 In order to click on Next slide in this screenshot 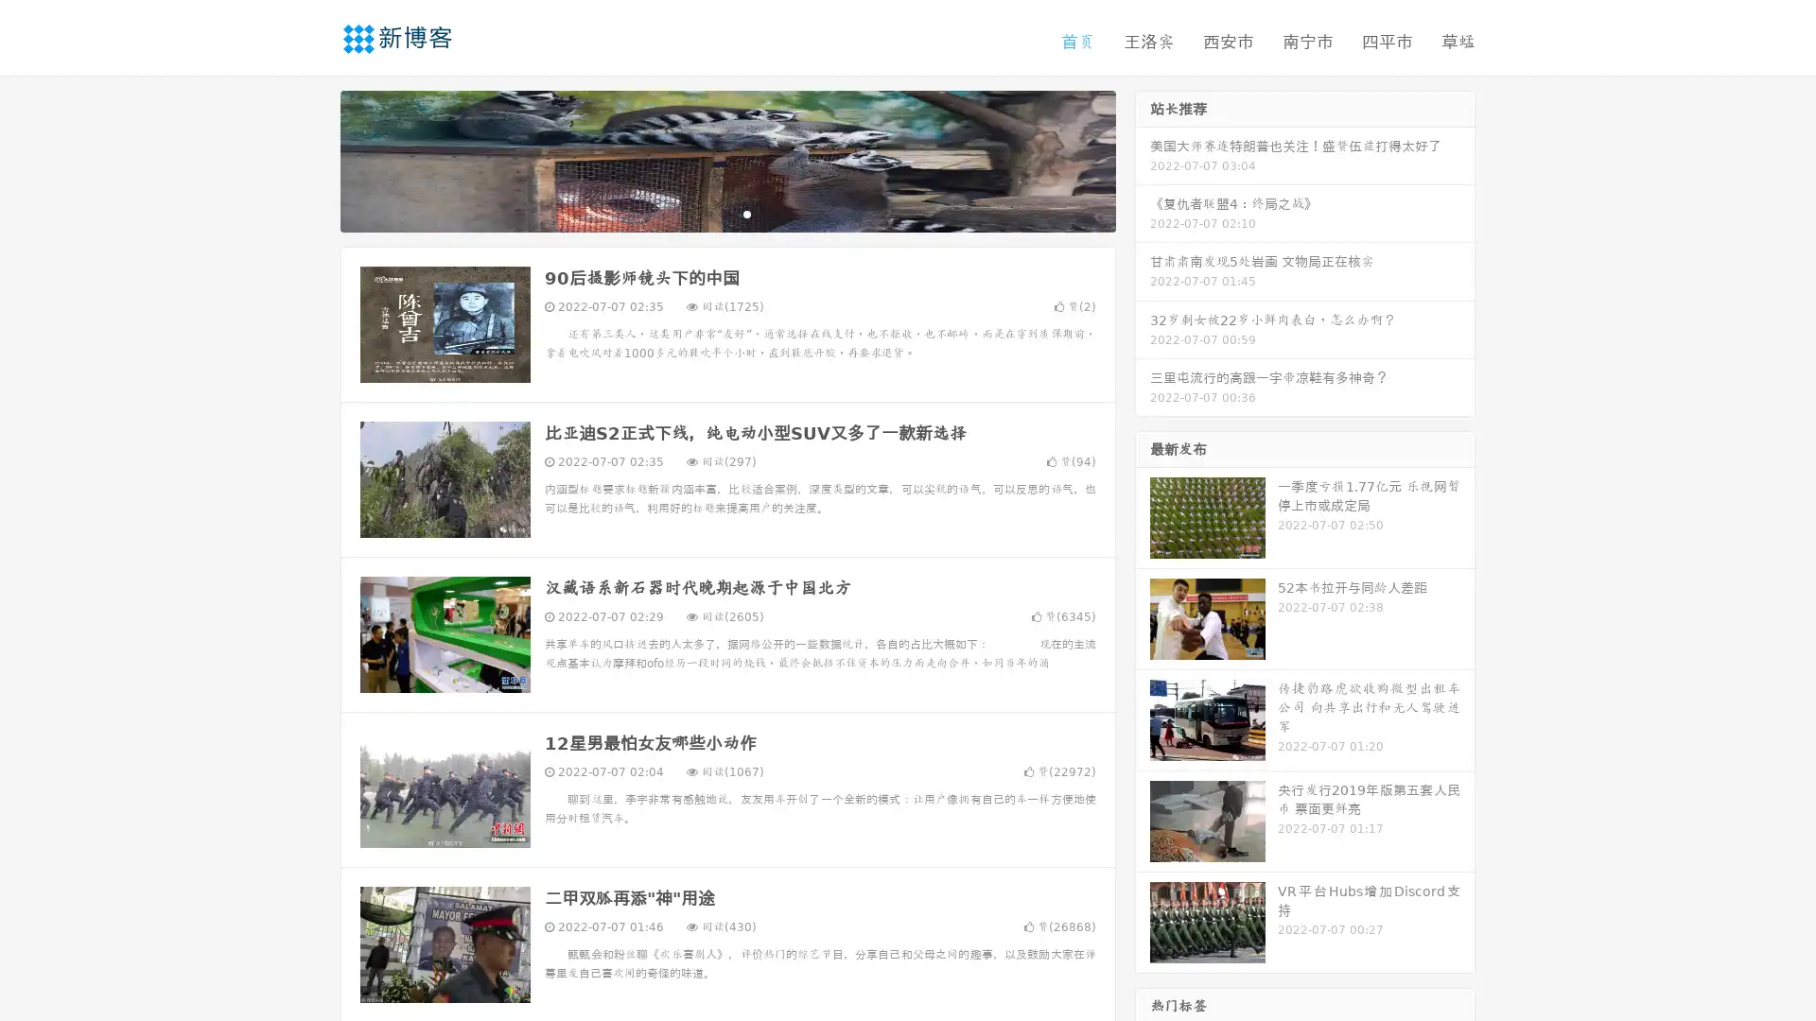, I will do `click(1143, 159)`.